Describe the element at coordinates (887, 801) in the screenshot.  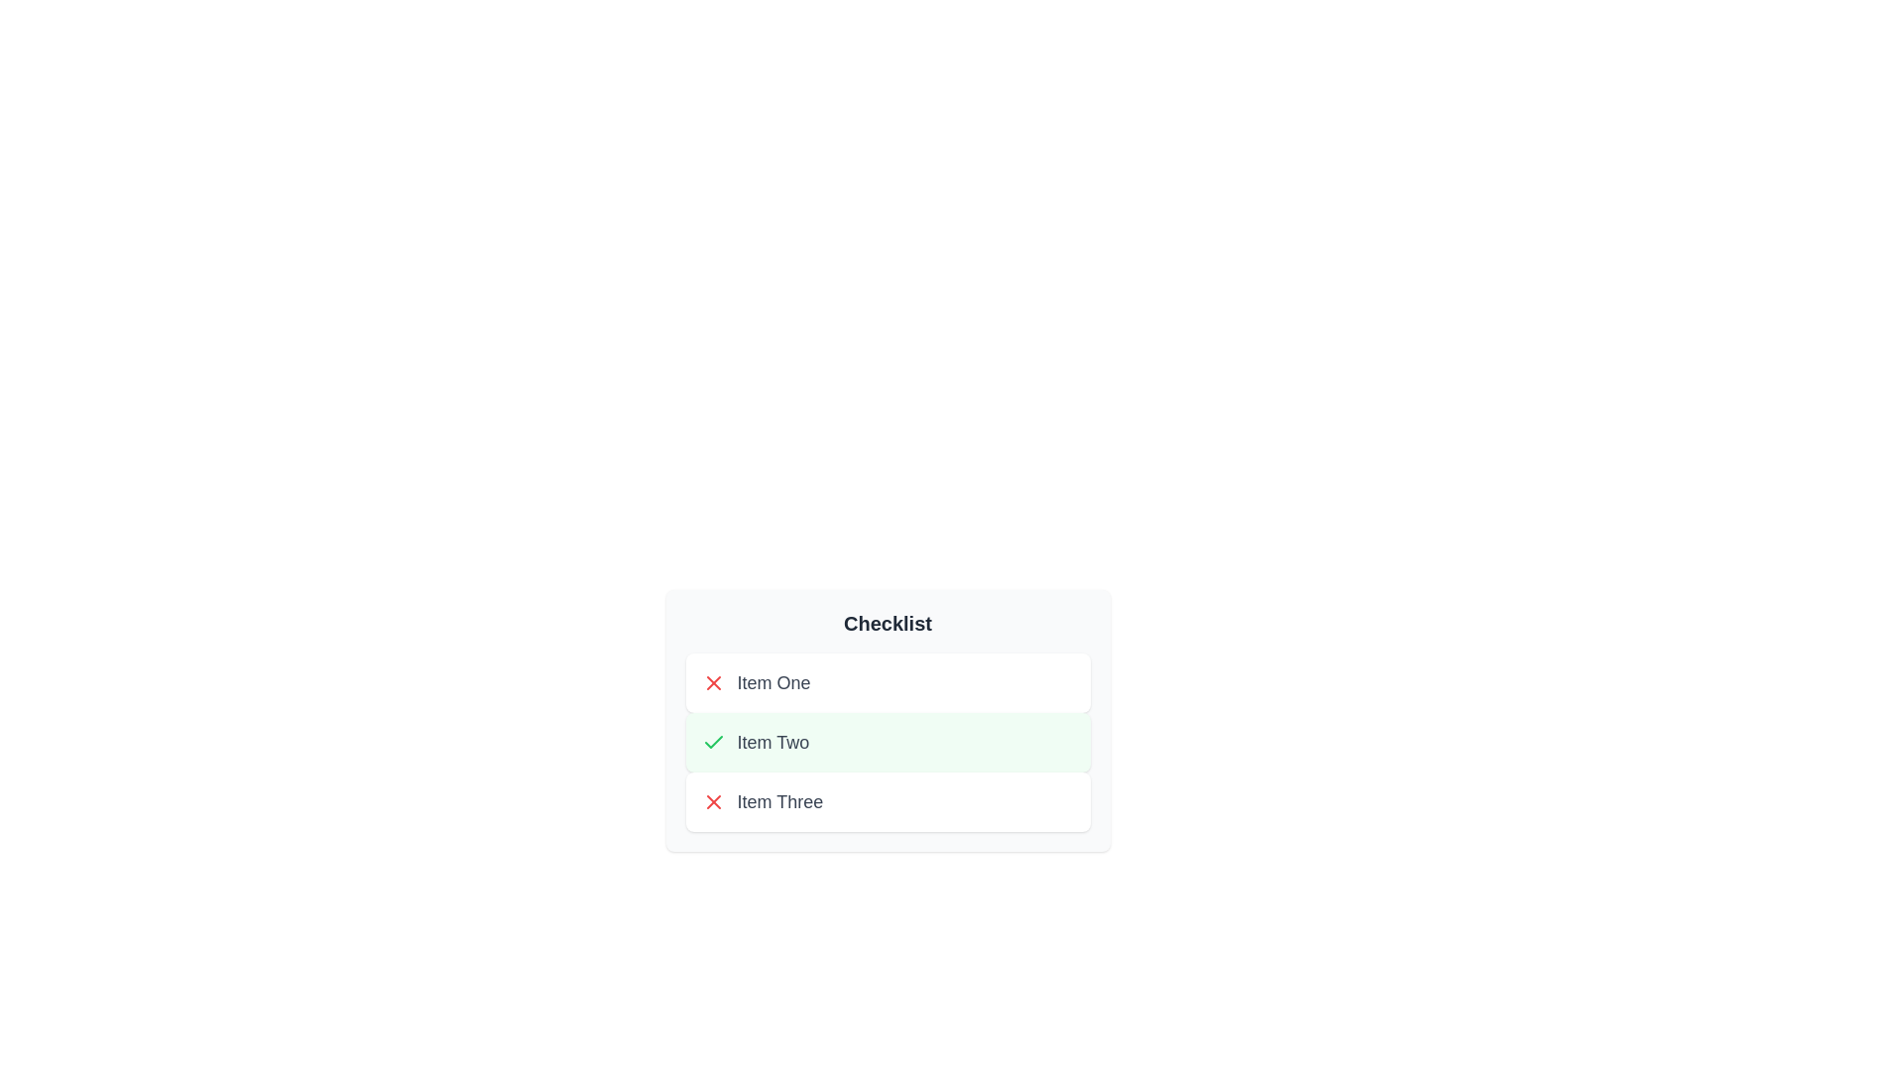
I see `the item Item Three in the checklist` at that location.